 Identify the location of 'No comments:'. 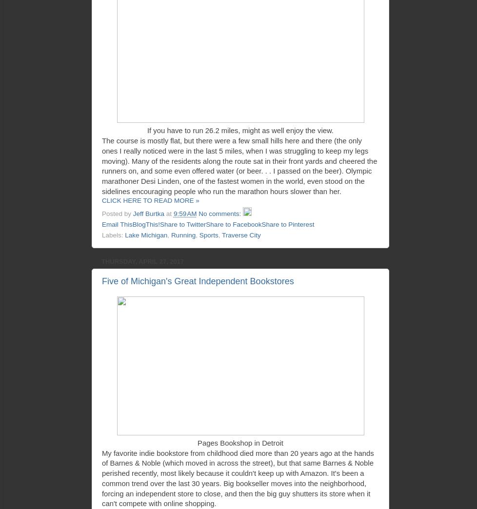
(220, 213).